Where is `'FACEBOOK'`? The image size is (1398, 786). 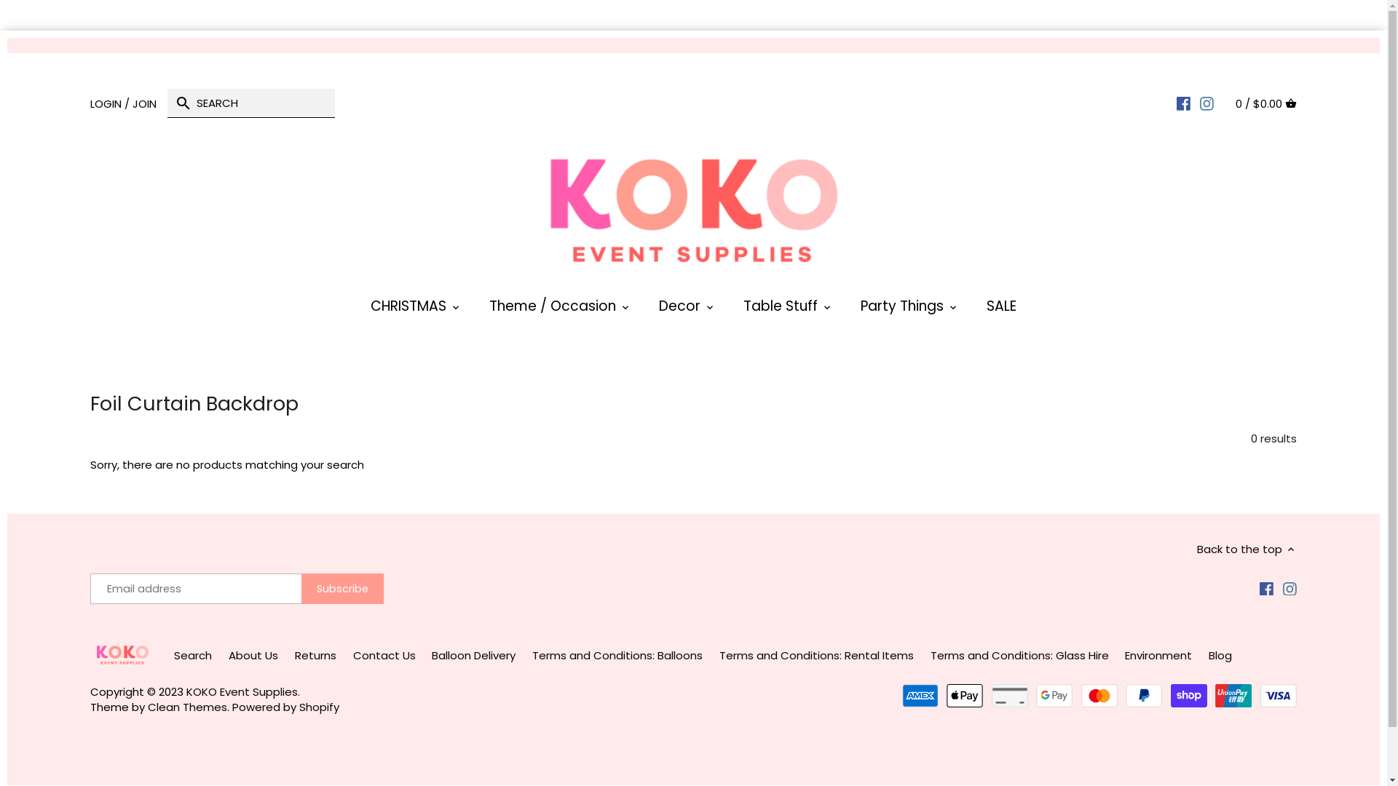 'FACEBOOK' is located at coordinates (1183, 102).